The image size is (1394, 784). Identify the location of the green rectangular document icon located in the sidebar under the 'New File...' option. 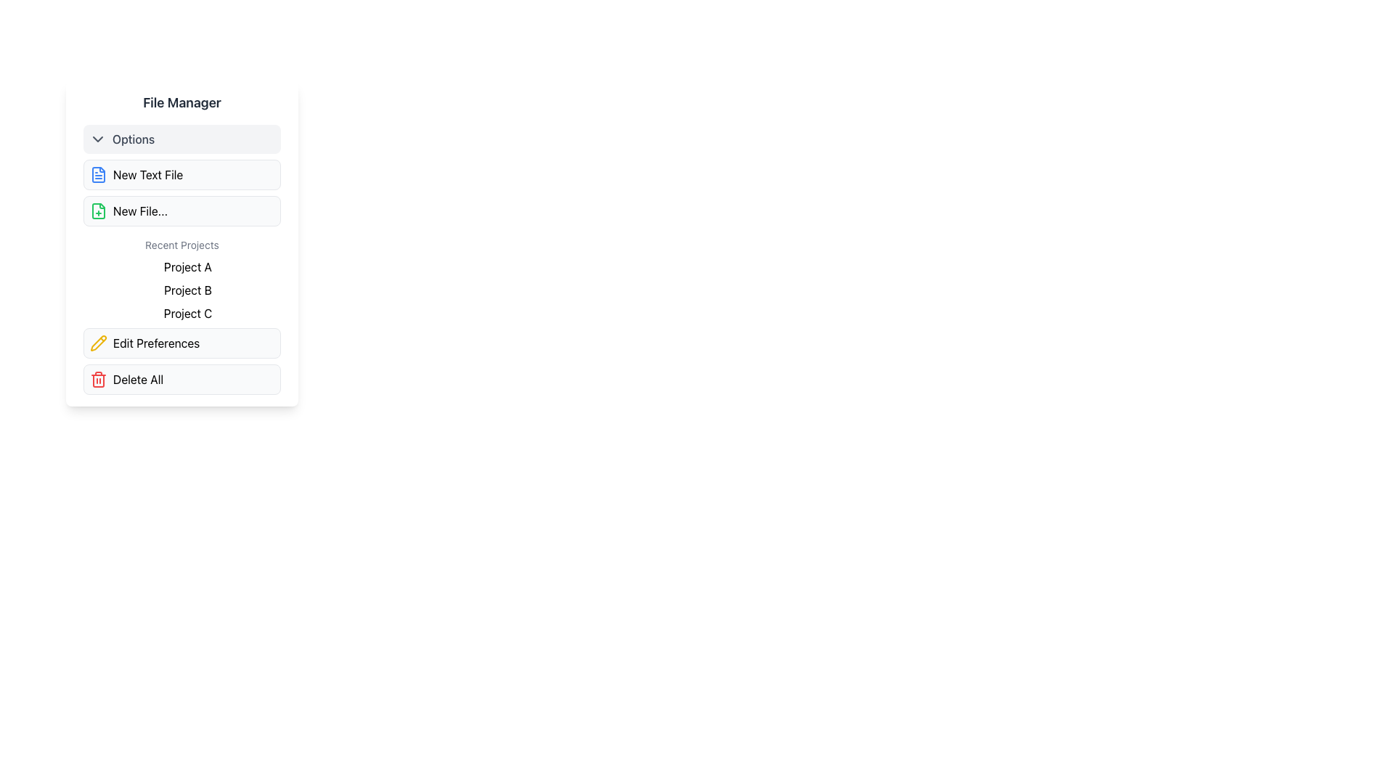
(97, 211).